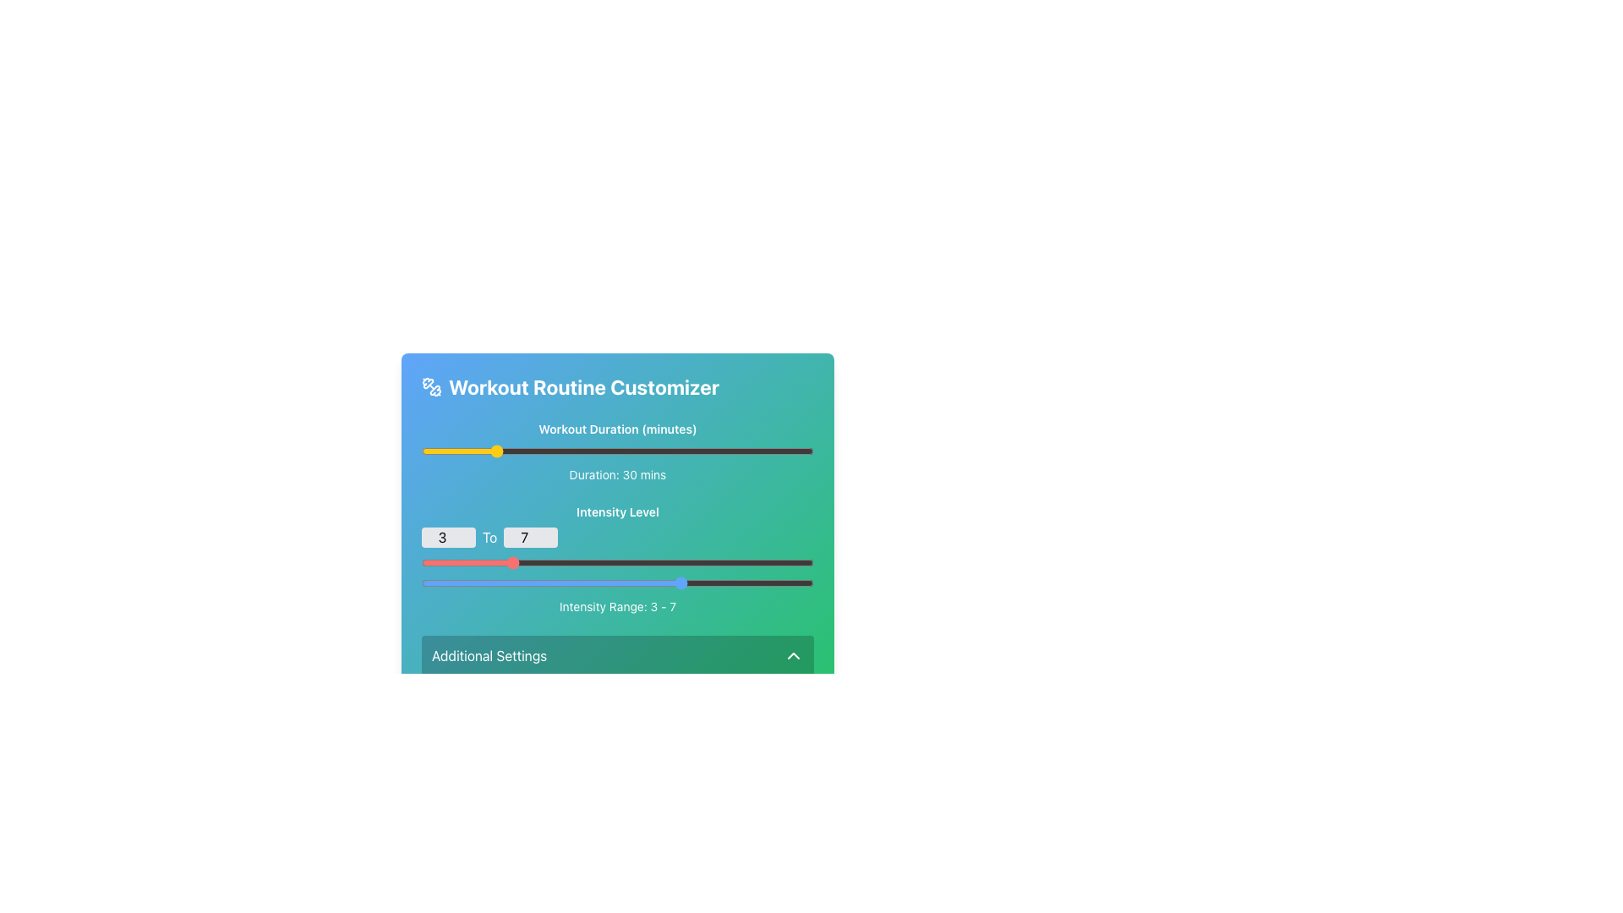 This screenshot has width=1623, height=913. What do you see at coordinates (489, 654) in the screenshot?
I see `the 'Additional Settings' label, which is displayed against a greenish-blue background with white rounded font, located near the bottom of the interface` at bounding box center [489, 654].